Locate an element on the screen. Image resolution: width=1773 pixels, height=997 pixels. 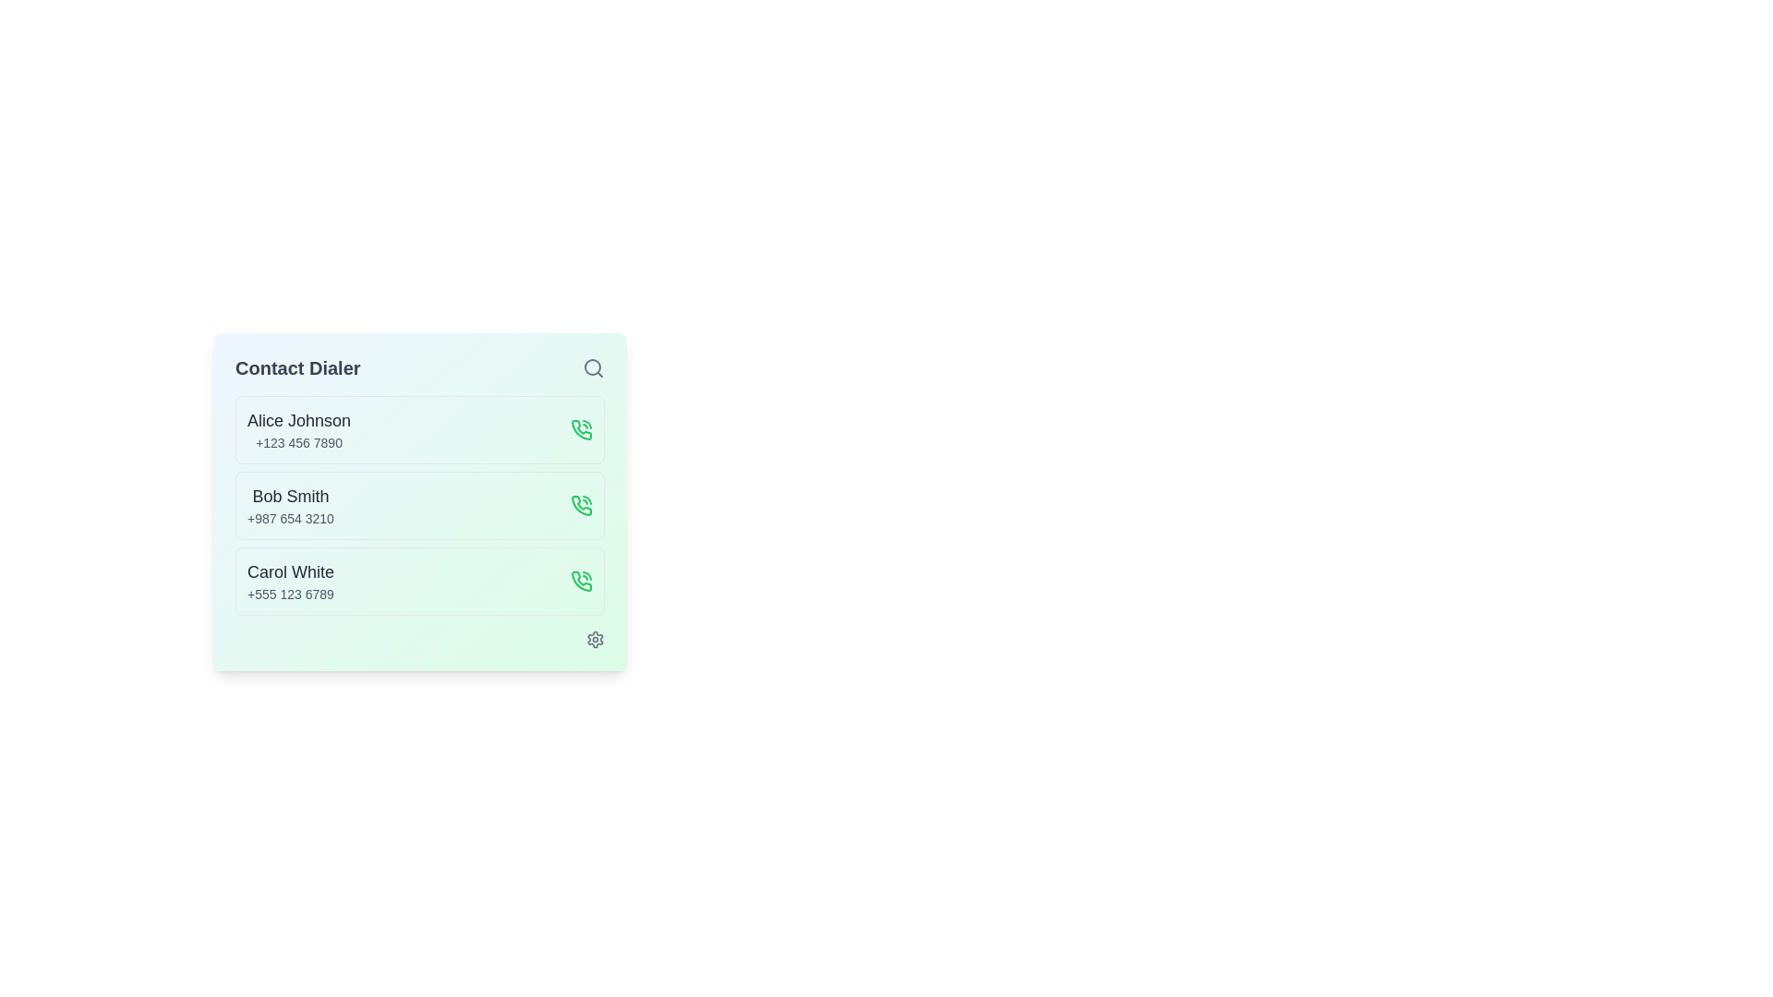
the contact entry displaying the name 'Bob Smith' and phone number '+987 654 3210' in the 'Contact Dialer' interface is located at coordinates (289, 505).